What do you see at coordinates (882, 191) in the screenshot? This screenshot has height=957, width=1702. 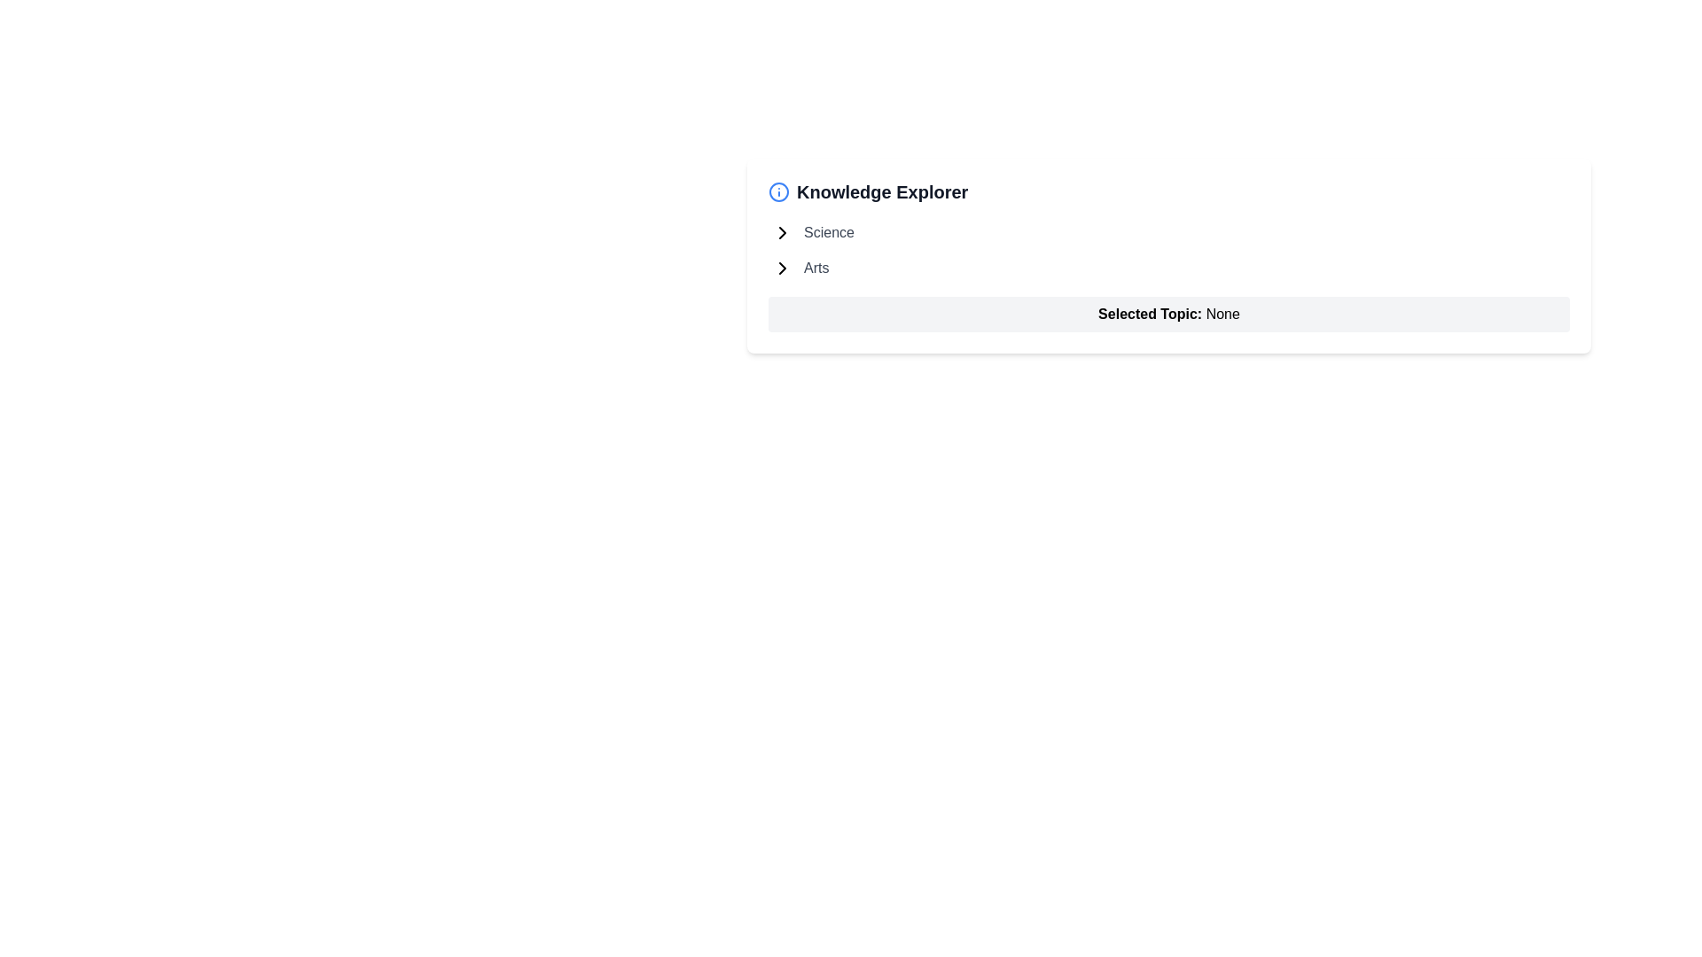 I see `the text label that serves as a title or header, indicating the name or purpose of the current section or interface` at bounding box center [882, 191].